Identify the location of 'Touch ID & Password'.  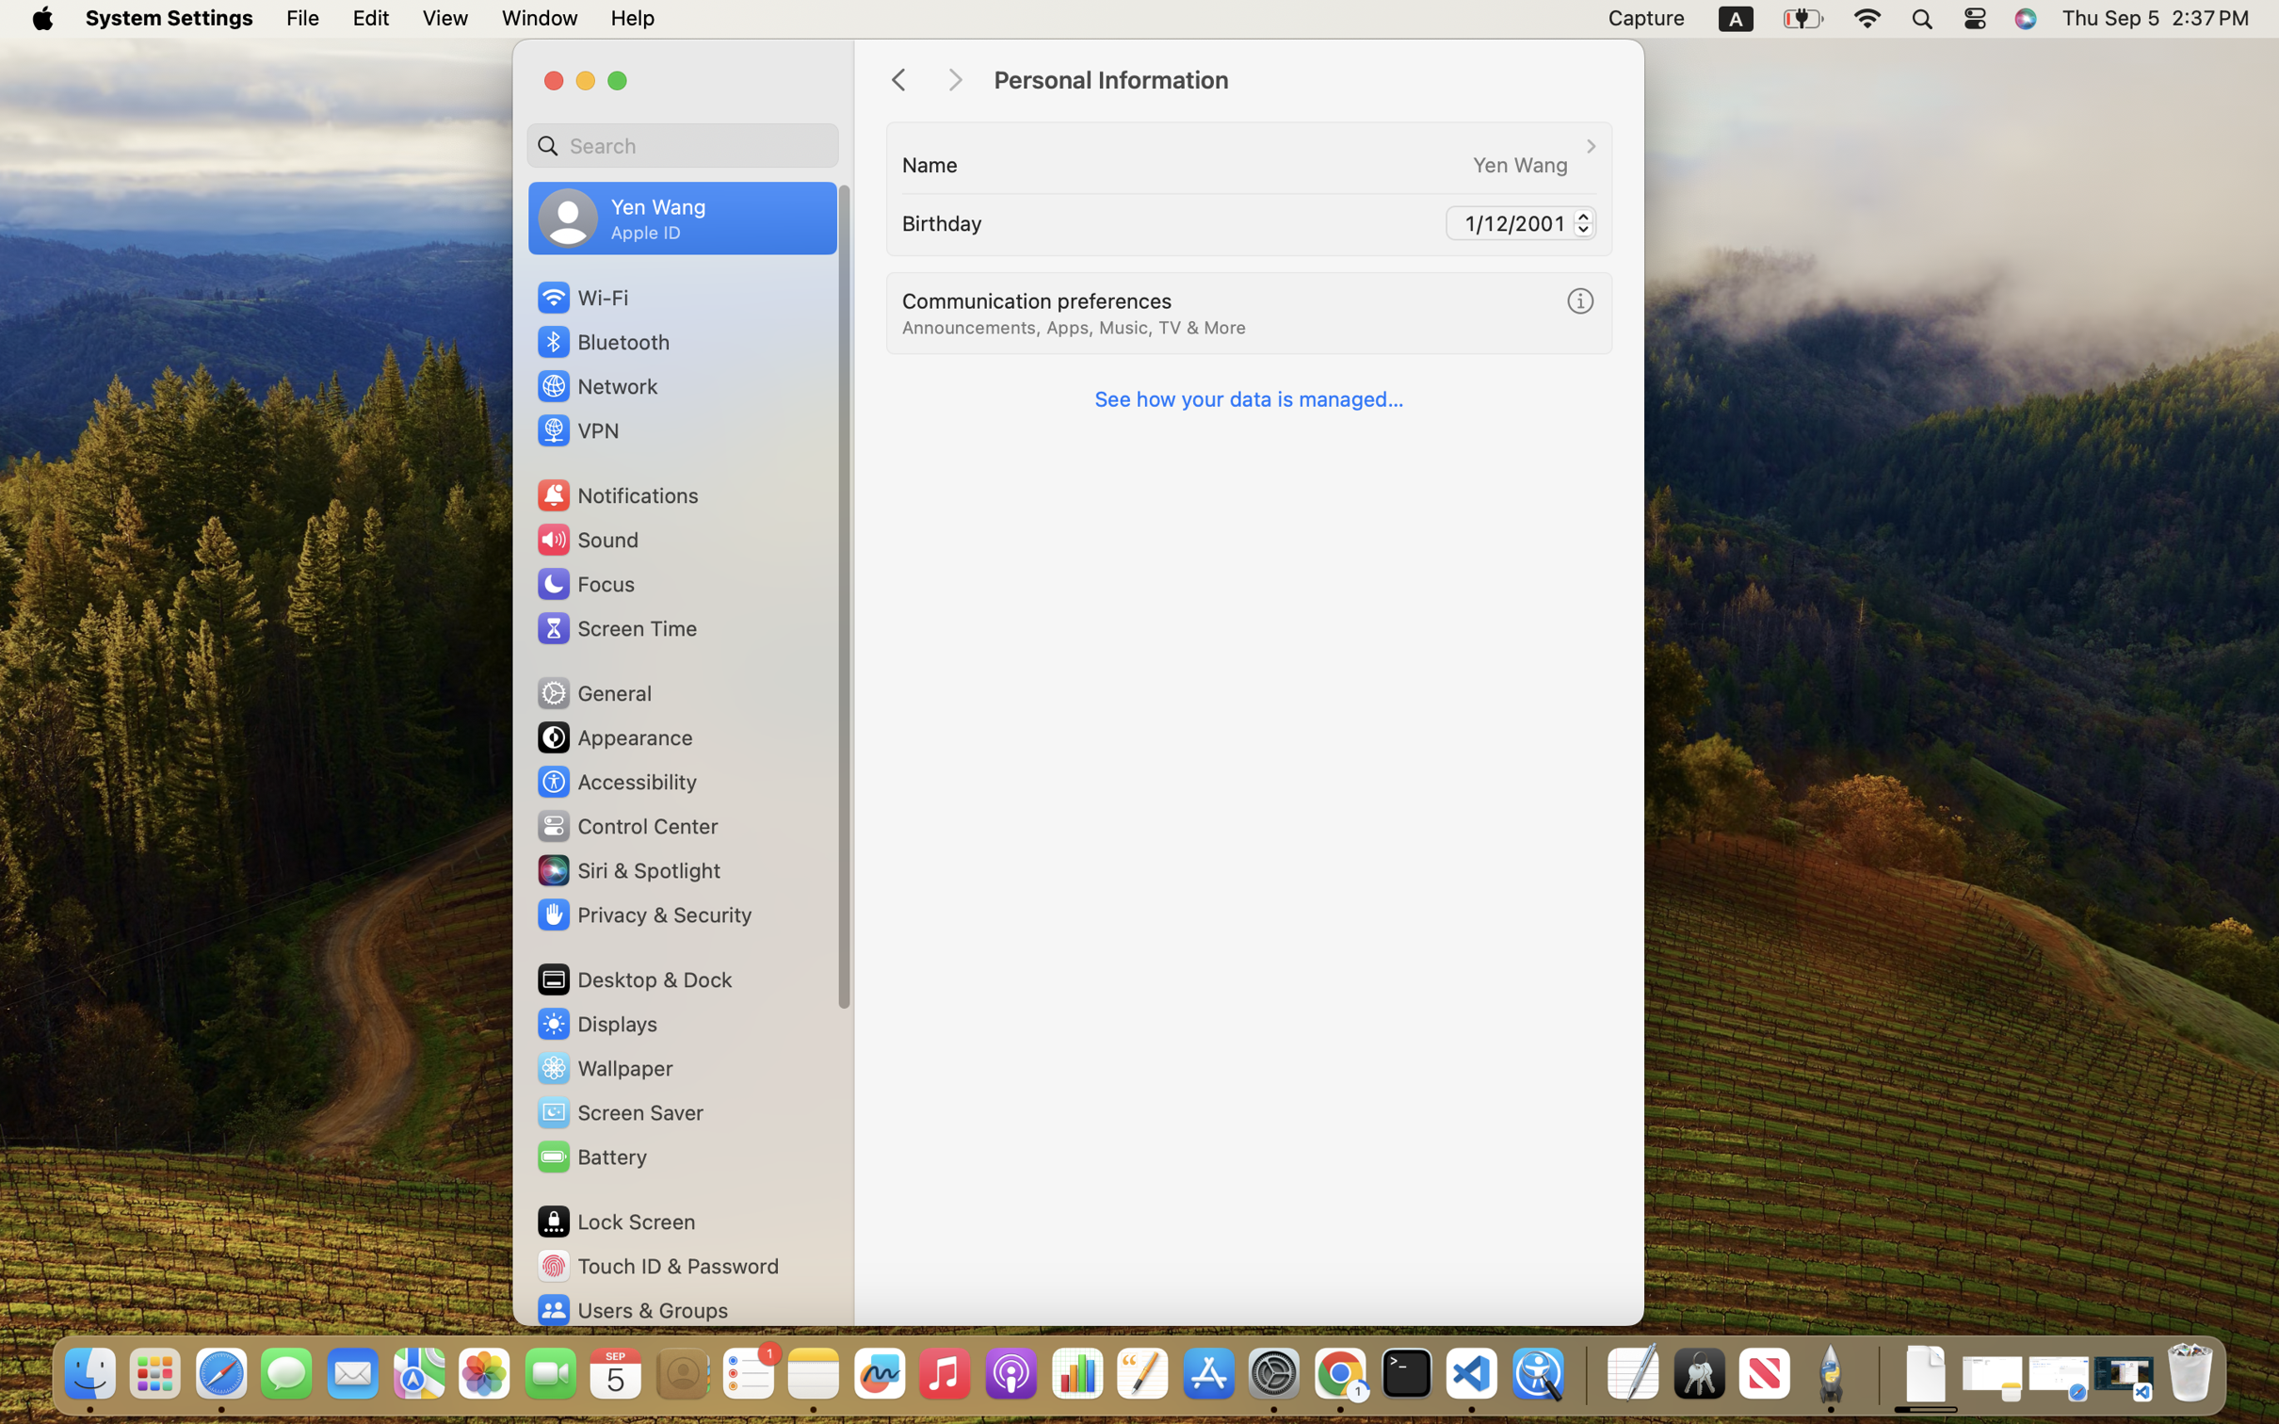
(656, 1265).